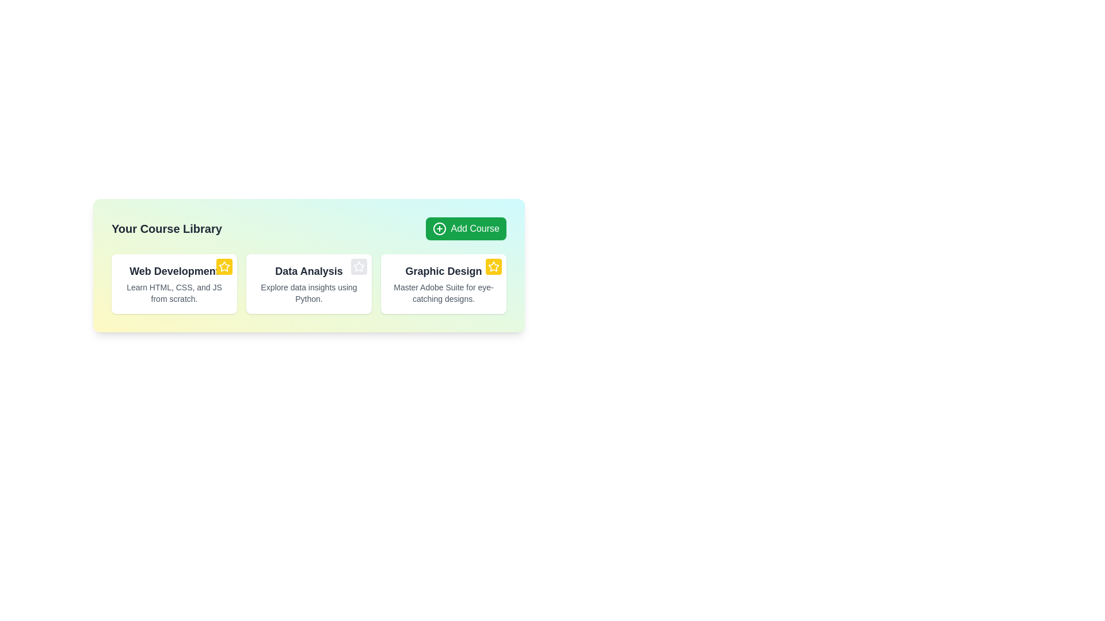 This screenshot has height=621, width=1105. I want to click on the small yellow star-shaped icon with a white outline located above the title 'Graphic Design' in the 'Your Course Library' section, so click(494, 266).